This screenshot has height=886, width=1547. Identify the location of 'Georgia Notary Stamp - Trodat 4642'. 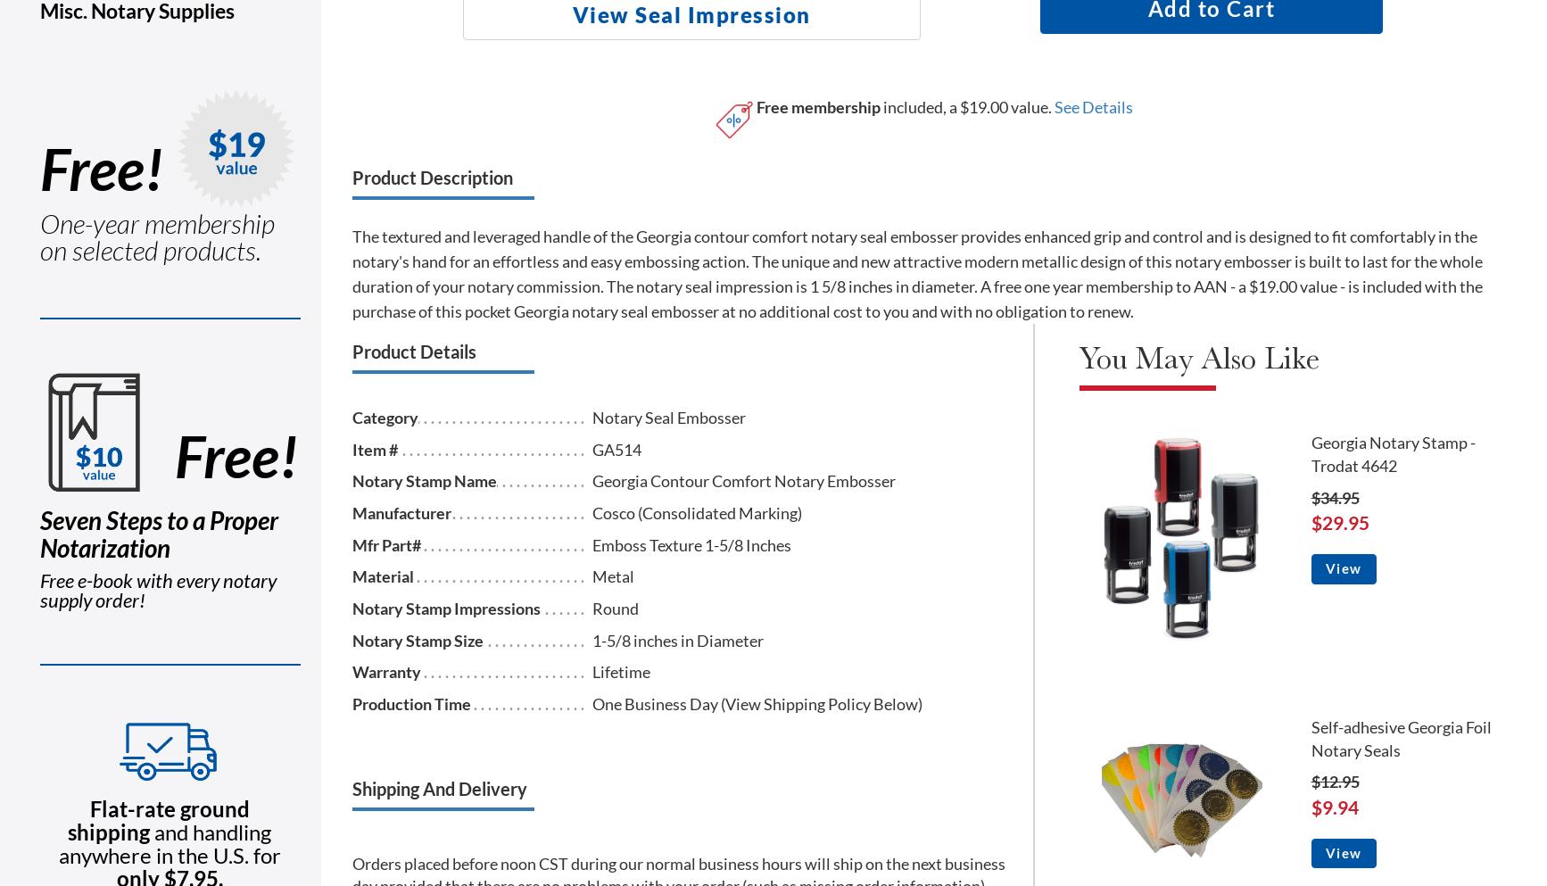
(1391, 454).